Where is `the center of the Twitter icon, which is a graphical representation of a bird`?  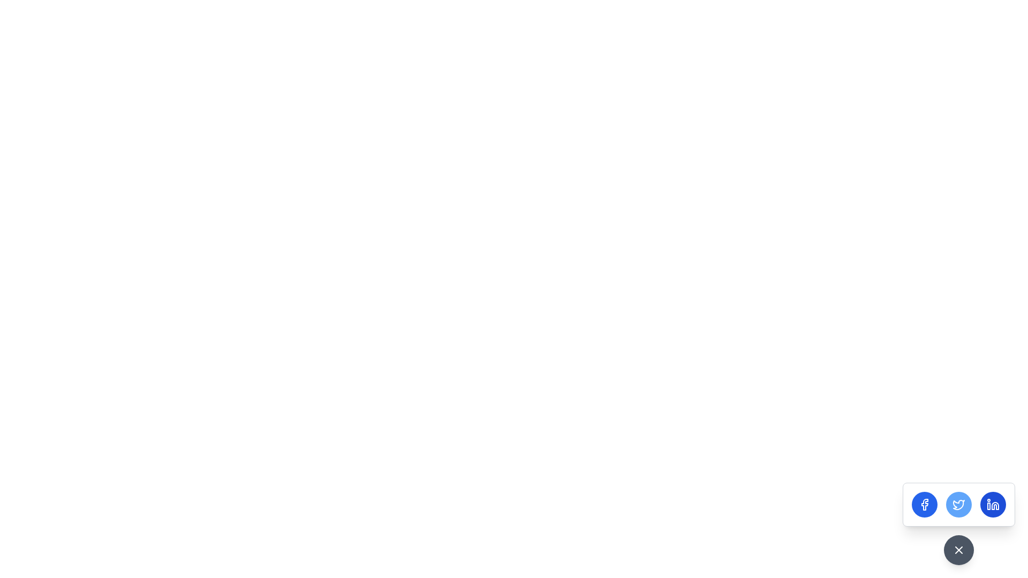
the center of the Twitter icon, which is a graphical representation of a bird is located at coordinates (958, 504).